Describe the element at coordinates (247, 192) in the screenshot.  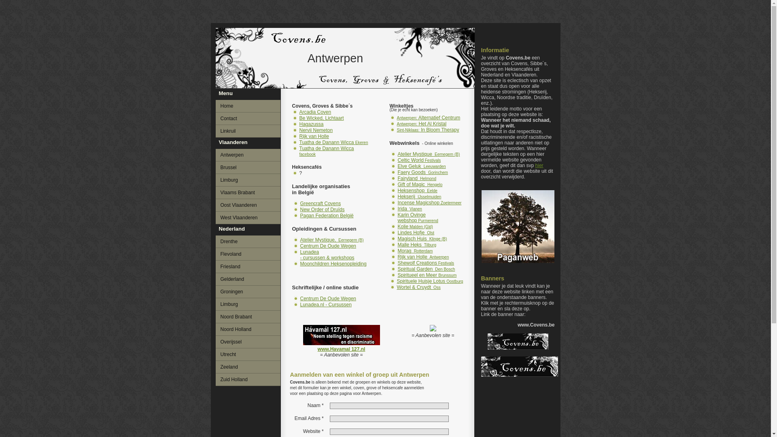
I see `'Vlaams Brabant'` at that location.